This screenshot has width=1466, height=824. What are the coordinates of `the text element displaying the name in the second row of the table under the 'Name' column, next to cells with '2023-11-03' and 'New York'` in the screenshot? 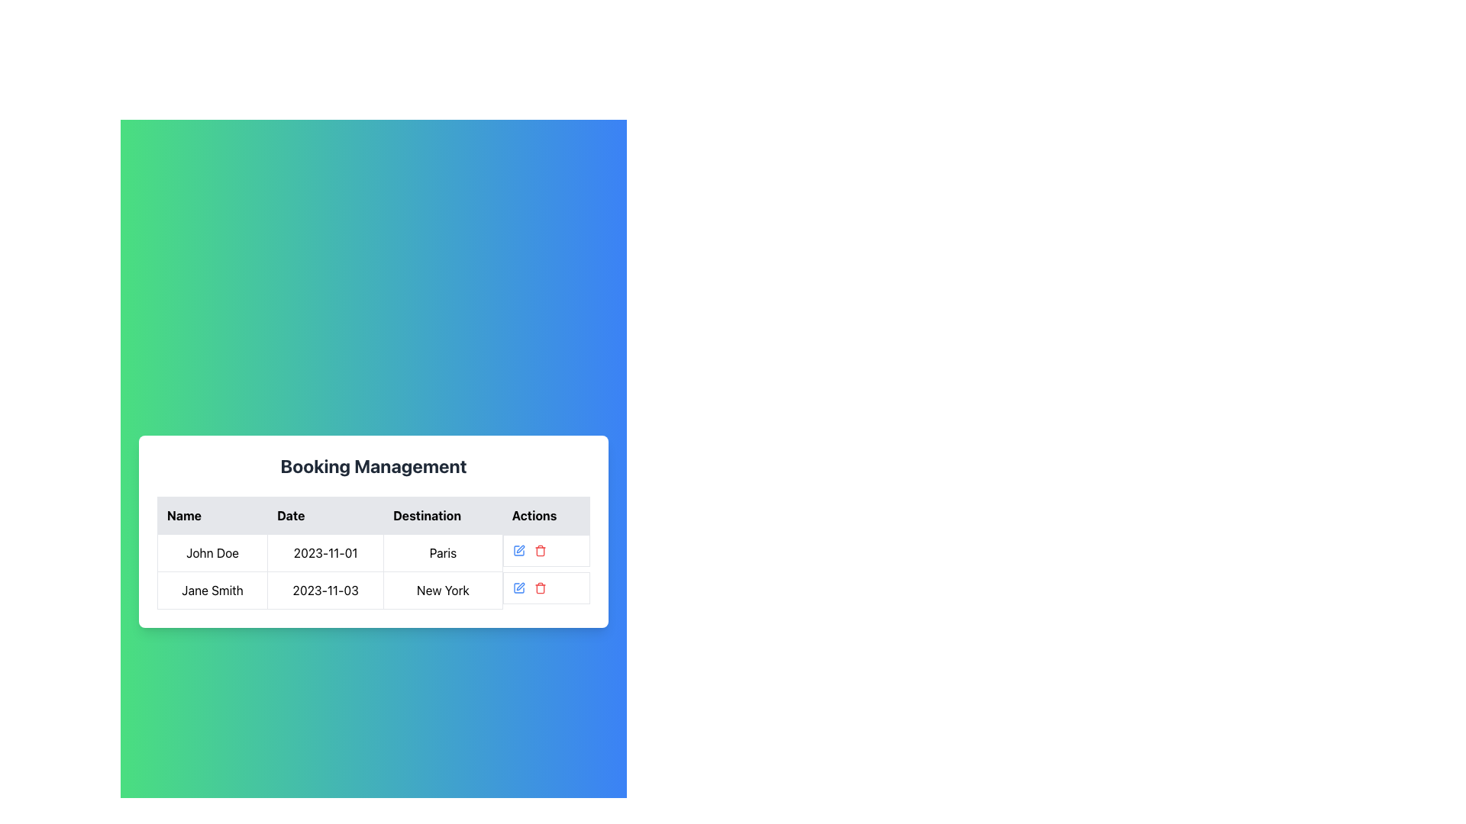 It's located at (212, 590).